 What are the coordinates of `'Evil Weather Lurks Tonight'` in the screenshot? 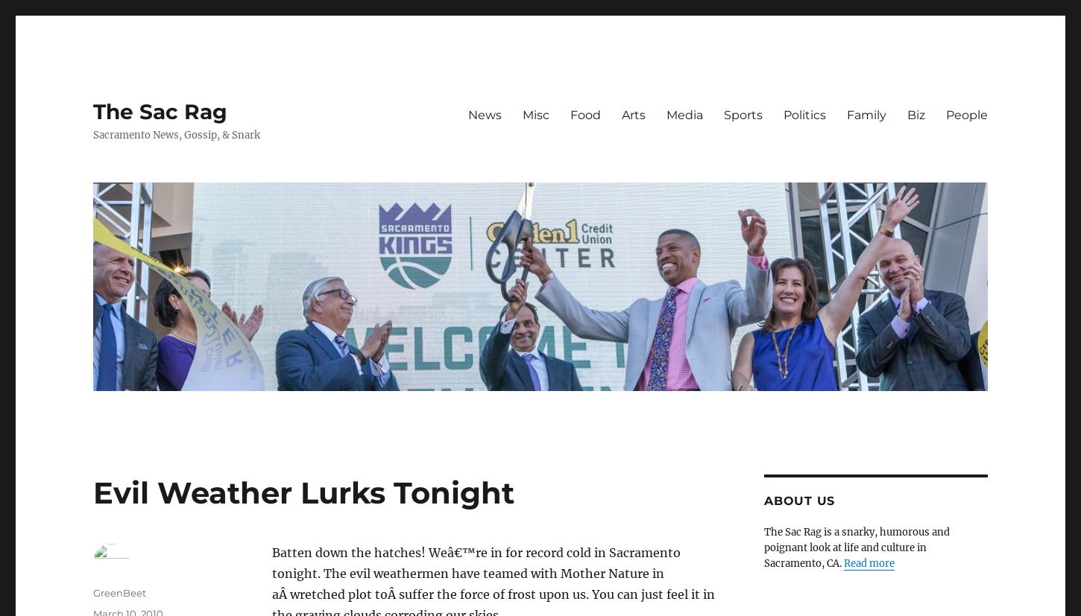 It's located at (92, 492).